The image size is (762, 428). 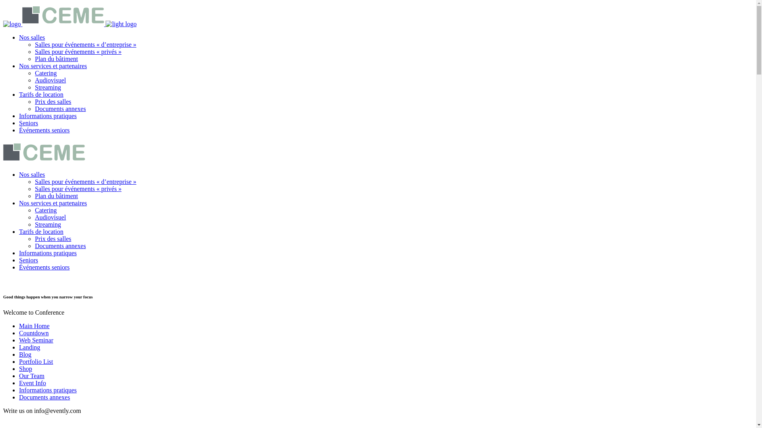 What do you see at coordinates (44, 397) in the screenshot?
I see `'Documents annexes'` at bounding box center [44, 397].